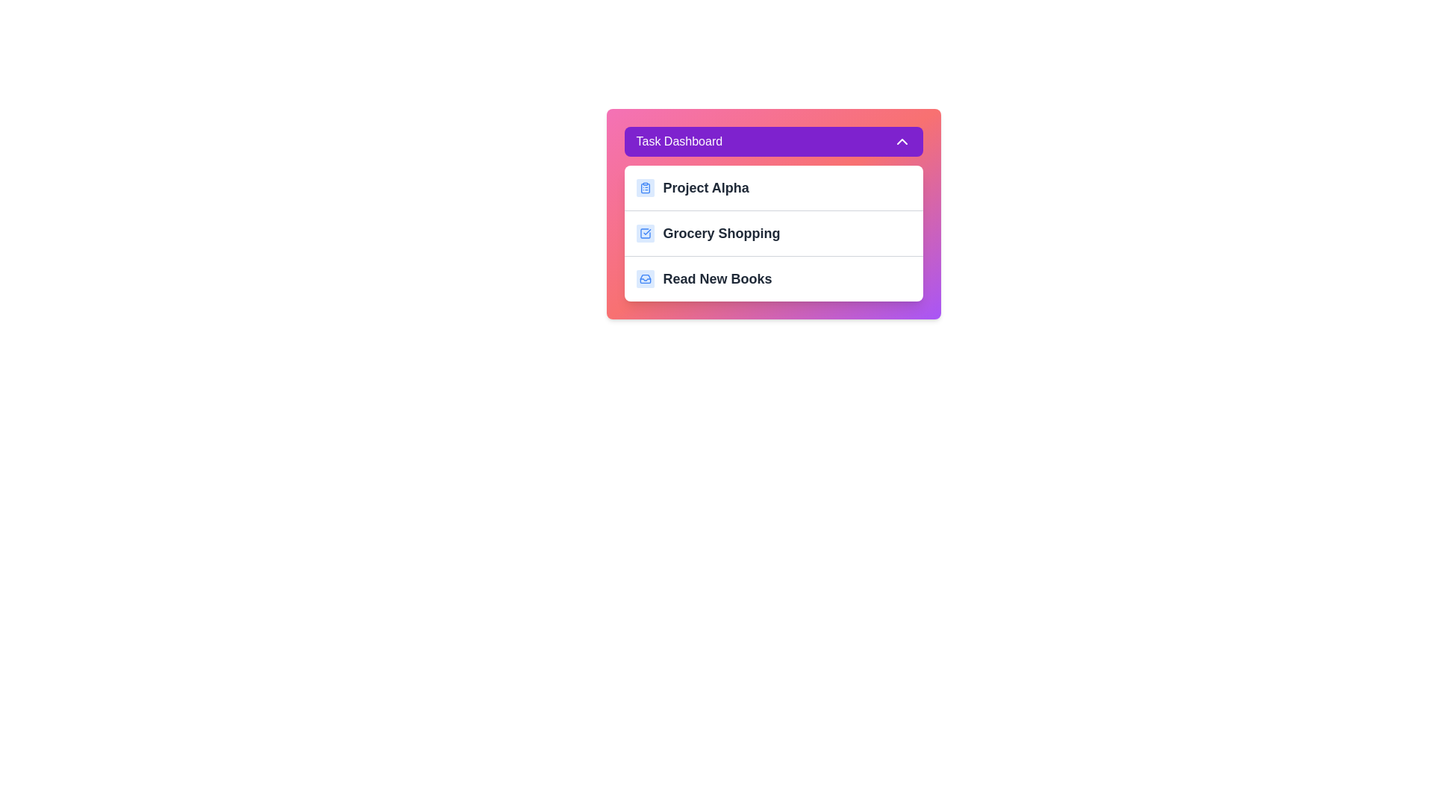 Image resolution: width=1433 pixels, height=806 pixels. What do you see at coordinates (645, 187) in the screenshot?
I see `the decorative clipboard icon associated with the 'Project Alpha' entry, located on the left side of the text` at bounding box center [645, 187].